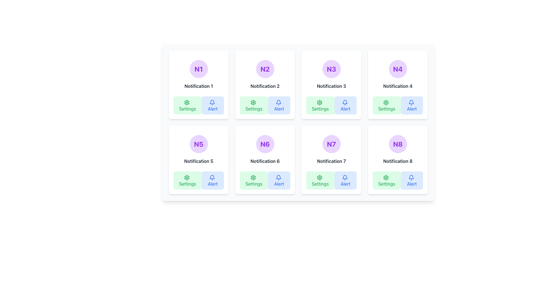 Image resolution: width=547 pixels, height=307 pixels. I want to click on the Bell Notification Symbol icon located in the Alert button within the third notification cell in the top row of the grid layout, so click(344, 101).